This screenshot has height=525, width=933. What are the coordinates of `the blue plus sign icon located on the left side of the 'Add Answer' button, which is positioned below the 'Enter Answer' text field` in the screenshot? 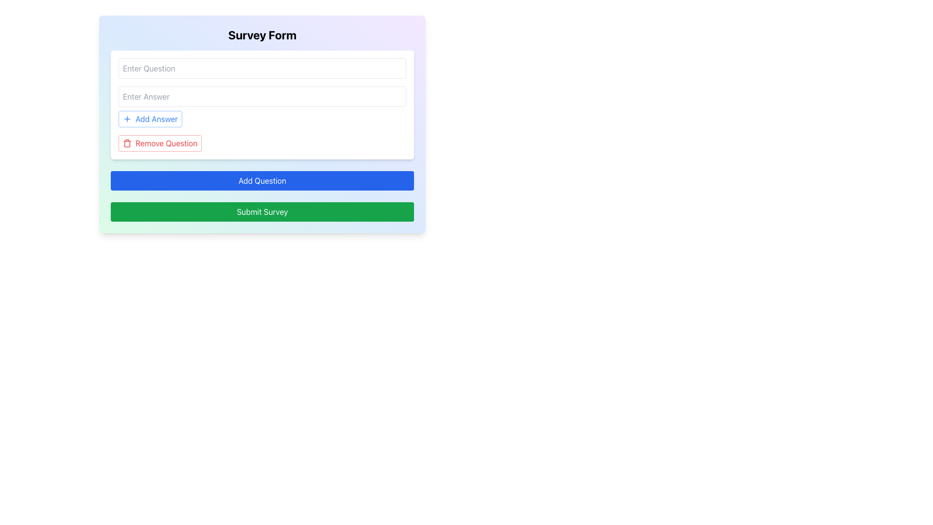 It's located at (127, 119).